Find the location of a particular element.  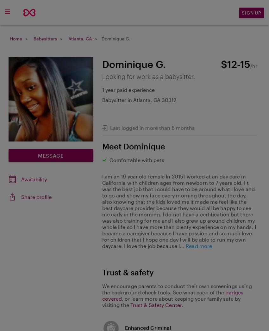

'Home' is located at coordinates (16, 38).